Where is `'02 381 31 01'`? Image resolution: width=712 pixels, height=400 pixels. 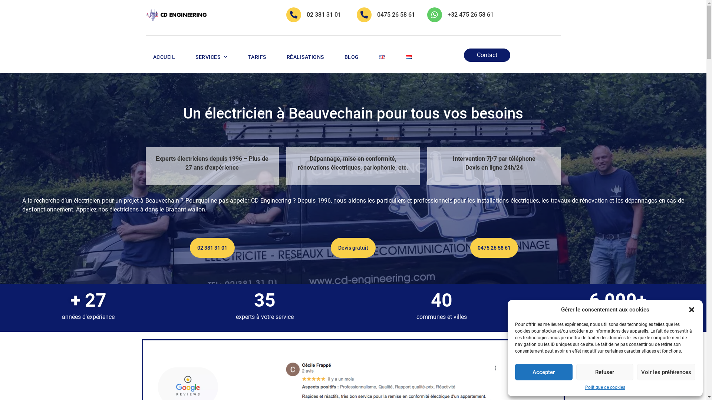 '02 381 31 01' is located at coordinates (212, 247).